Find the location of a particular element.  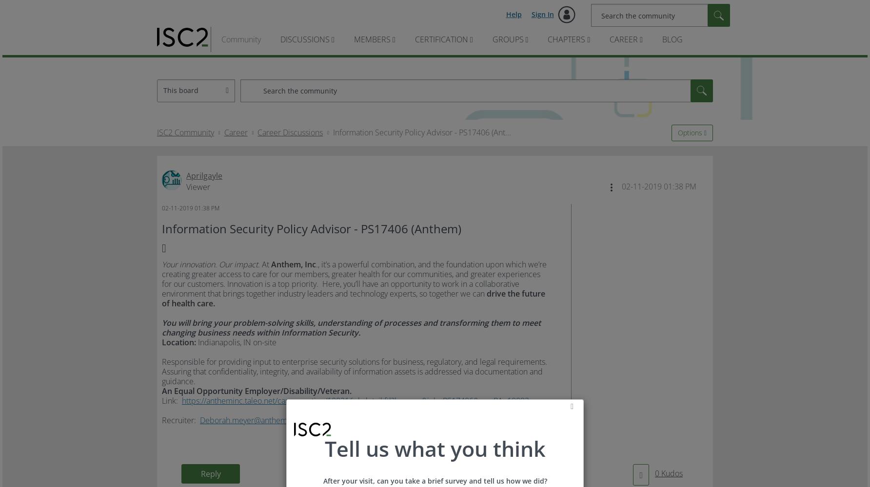

'Information Security Policy Advisor - PS17406 (Anthem)' is located at coordinates (162, 227).